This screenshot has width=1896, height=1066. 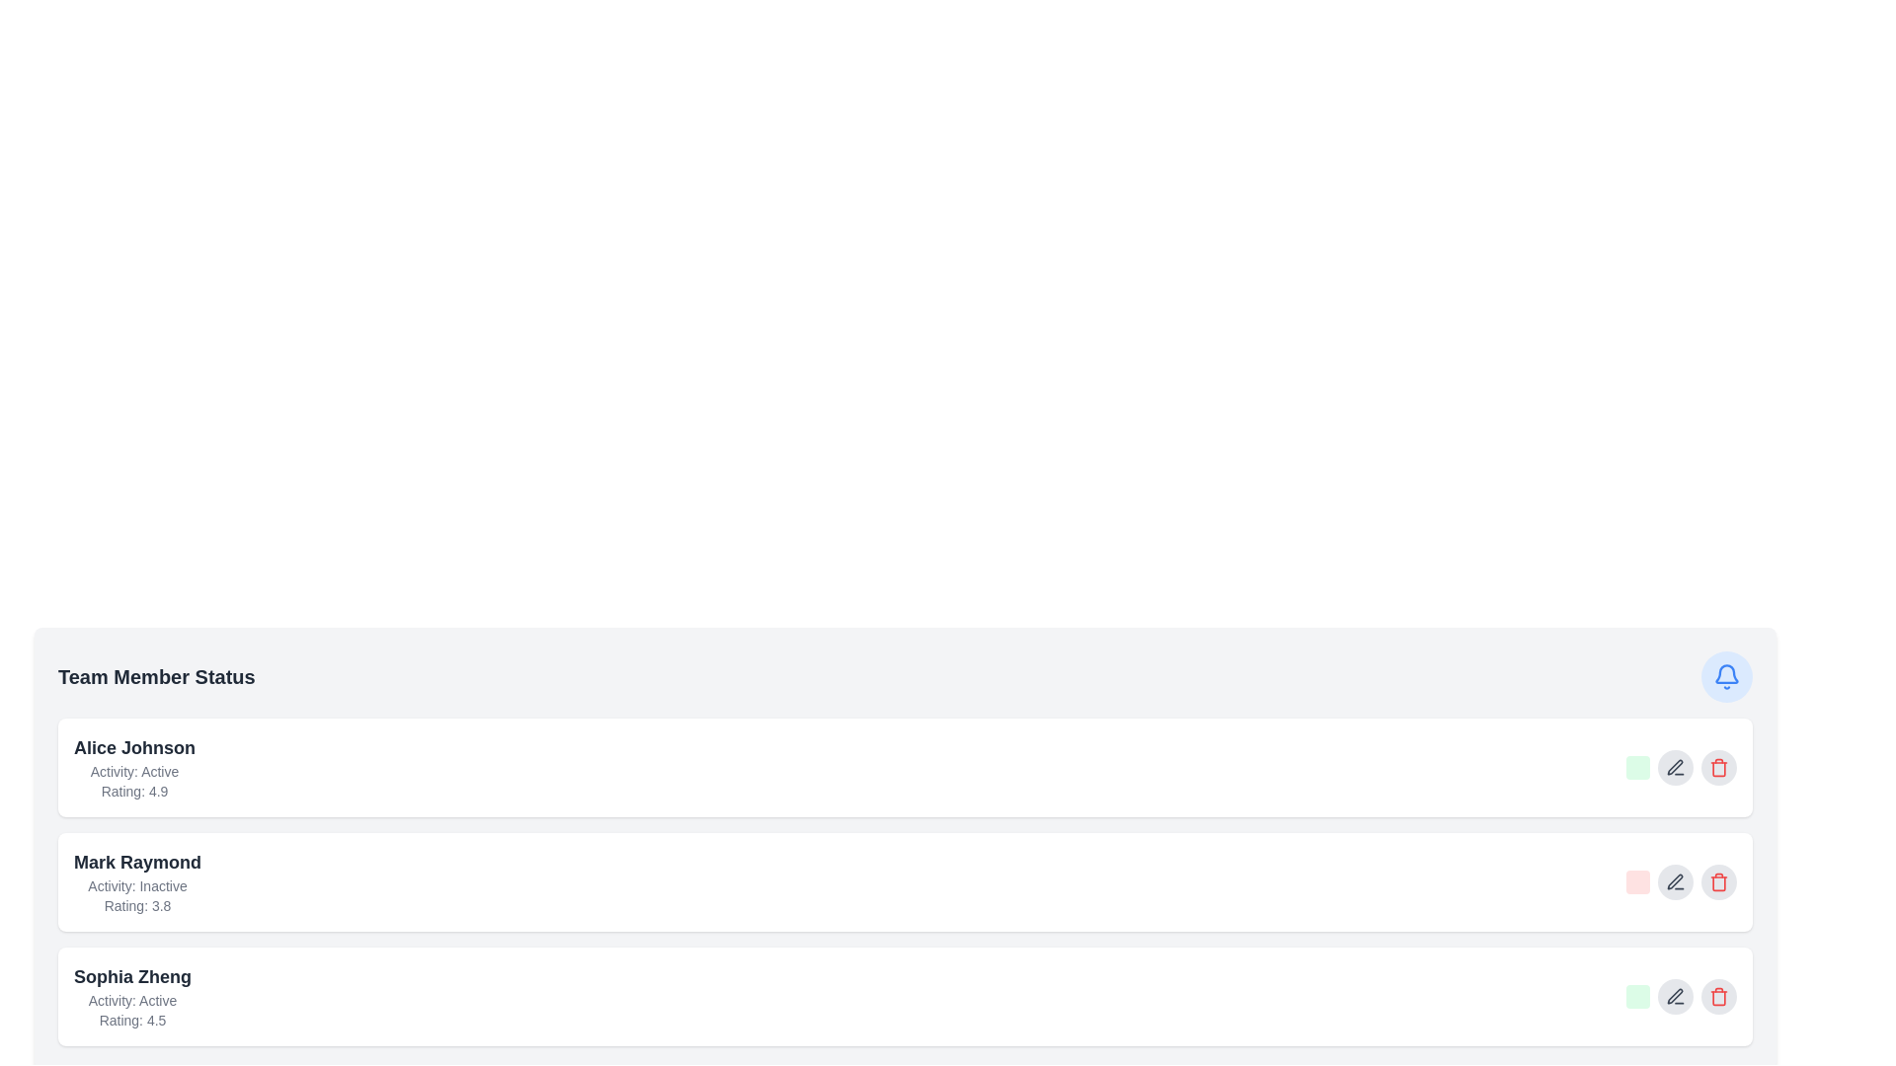 What do you see at coordinates (1718, 997) in the screenshot?
I see `the red trash icon button located on the far right side of the third row under 'Team Member Status' next to 'Sophia Zheng'` at bounding box center [1718, 997].